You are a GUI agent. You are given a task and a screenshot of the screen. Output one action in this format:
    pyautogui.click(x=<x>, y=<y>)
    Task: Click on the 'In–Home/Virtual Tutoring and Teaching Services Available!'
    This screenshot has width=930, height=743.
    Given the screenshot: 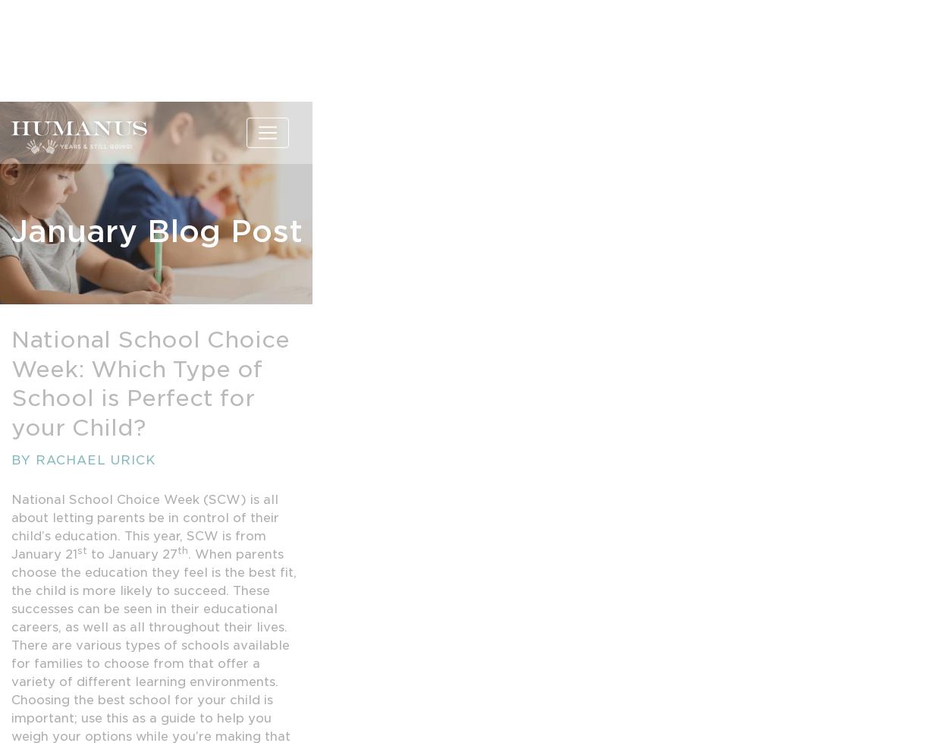 What is the action you would take?
    pyautogui.click(x=156, y=24)
    